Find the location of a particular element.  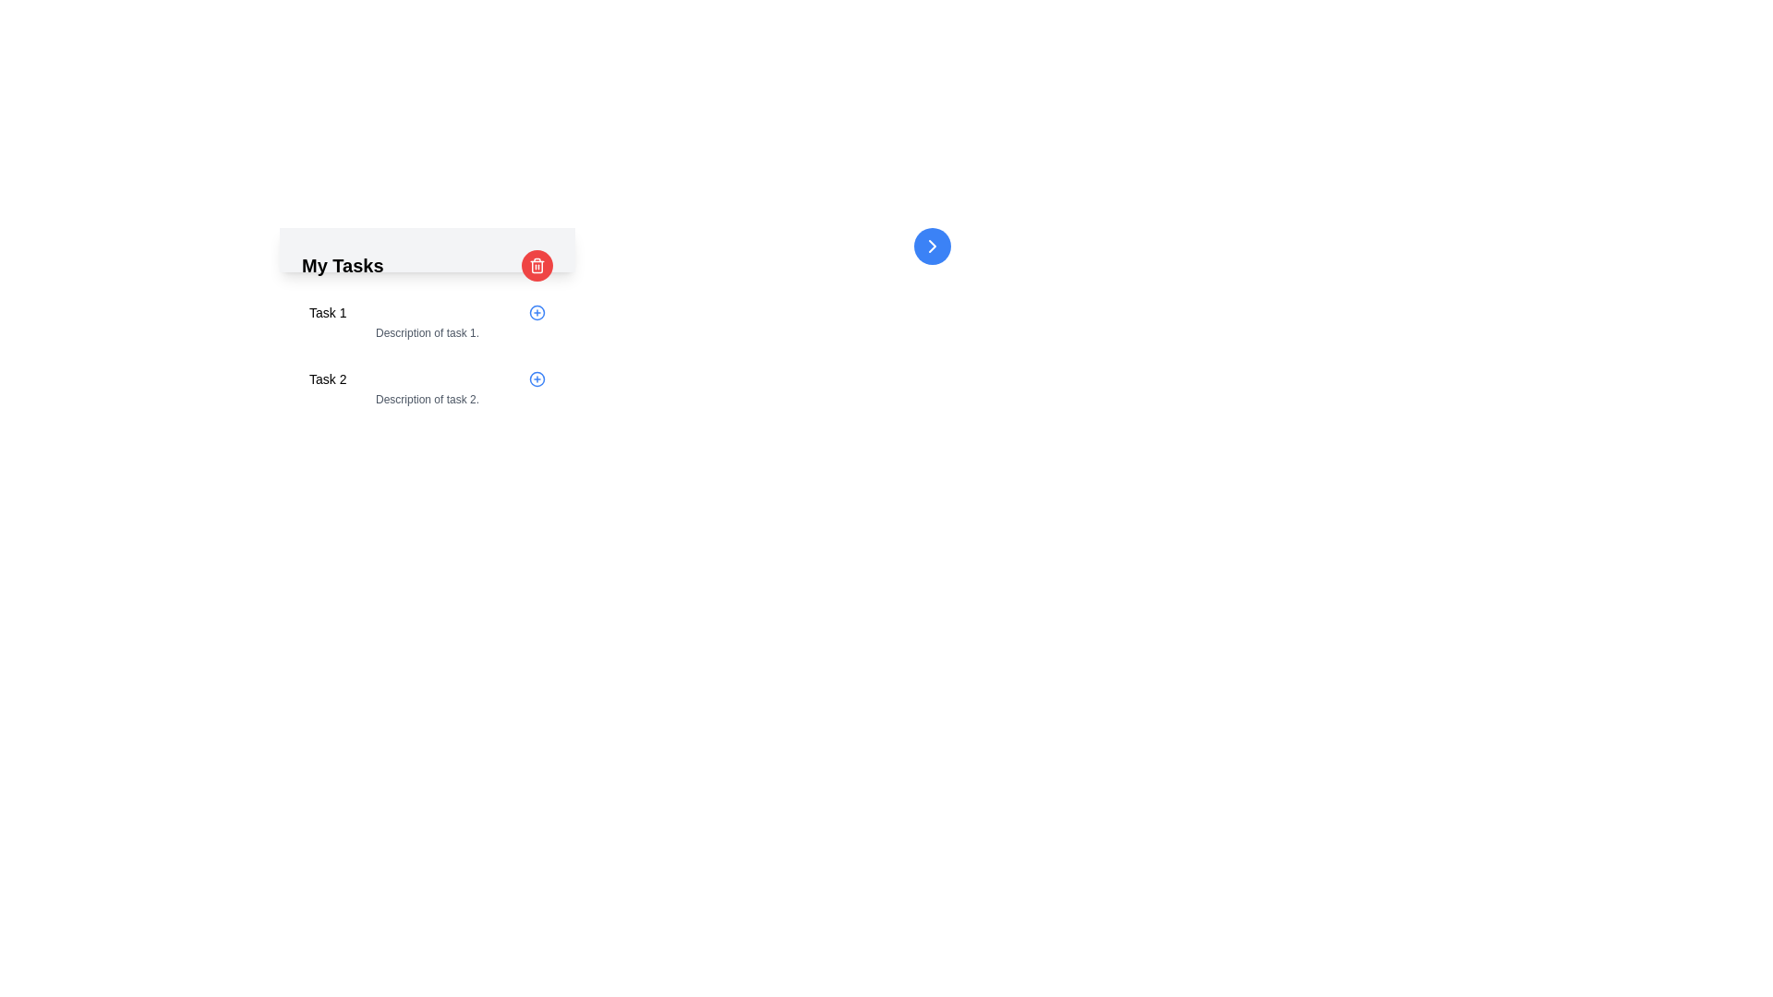

the Chevron Icon located near the right edge of task-specific rows in the task listing interface is located at coordinates (932, 245).